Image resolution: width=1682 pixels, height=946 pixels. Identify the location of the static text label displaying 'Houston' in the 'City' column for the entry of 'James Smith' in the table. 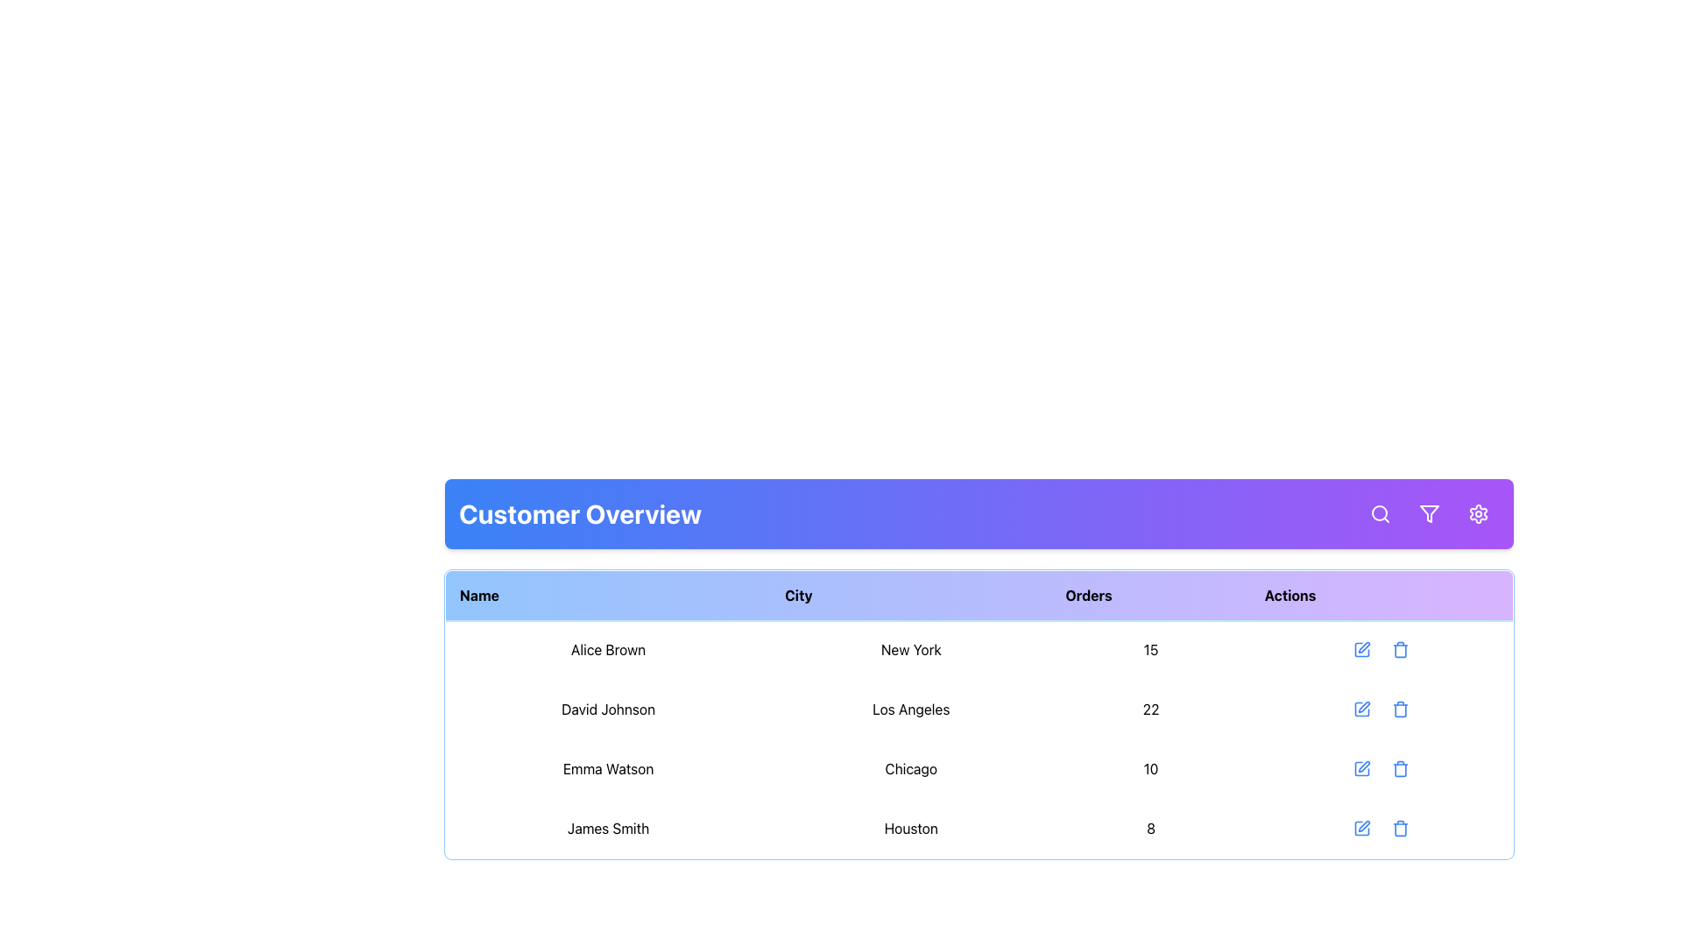
(911, 828).